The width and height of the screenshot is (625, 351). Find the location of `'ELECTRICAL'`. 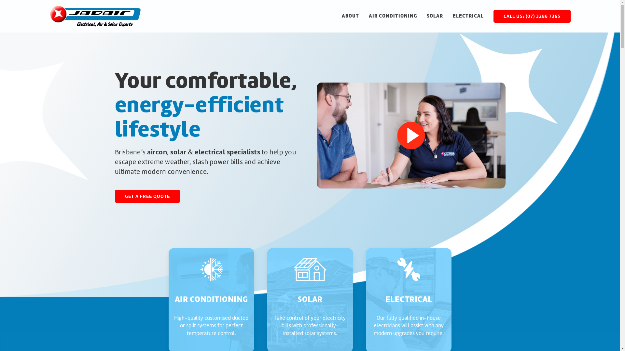

'ELECTRICAL' is located at coordinates (467, 16).